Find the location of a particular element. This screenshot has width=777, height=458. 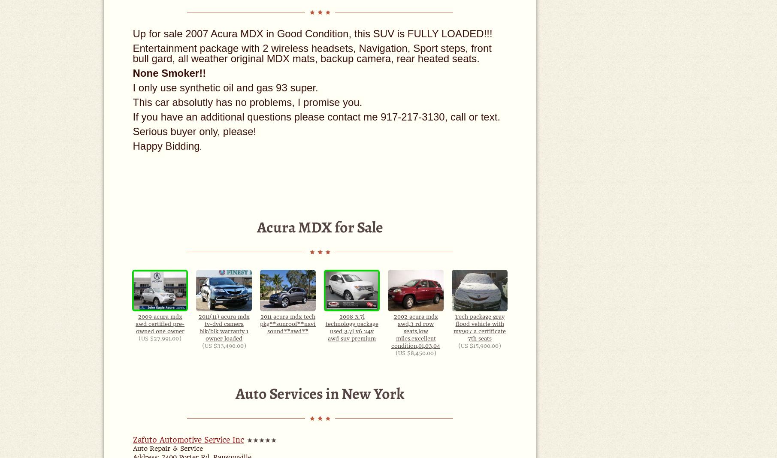

'None Smoker!!' is located at coordinates (169, 73).